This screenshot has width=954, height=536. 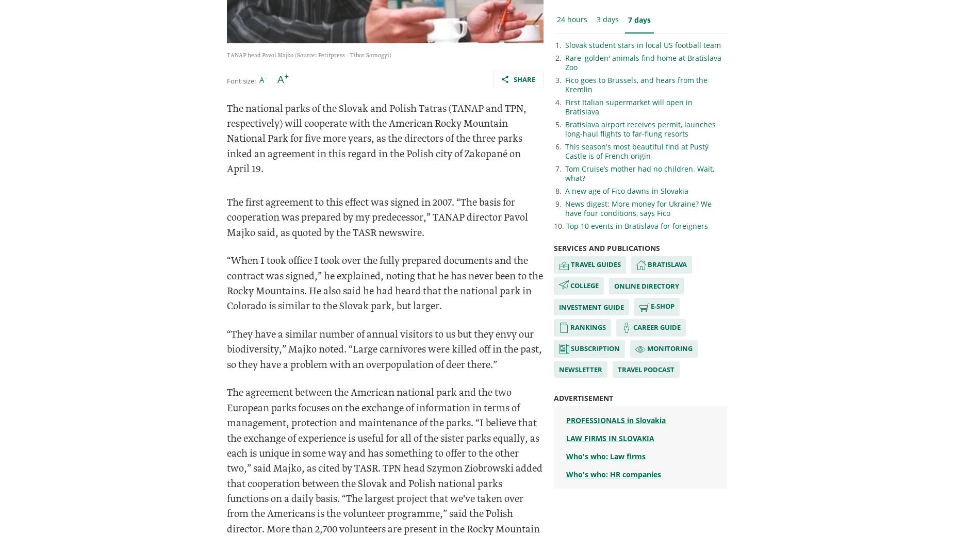 What do you see at coordinates (557, 125) in the screenshot?
I see `'5.'` at bounding box center [557, 125].